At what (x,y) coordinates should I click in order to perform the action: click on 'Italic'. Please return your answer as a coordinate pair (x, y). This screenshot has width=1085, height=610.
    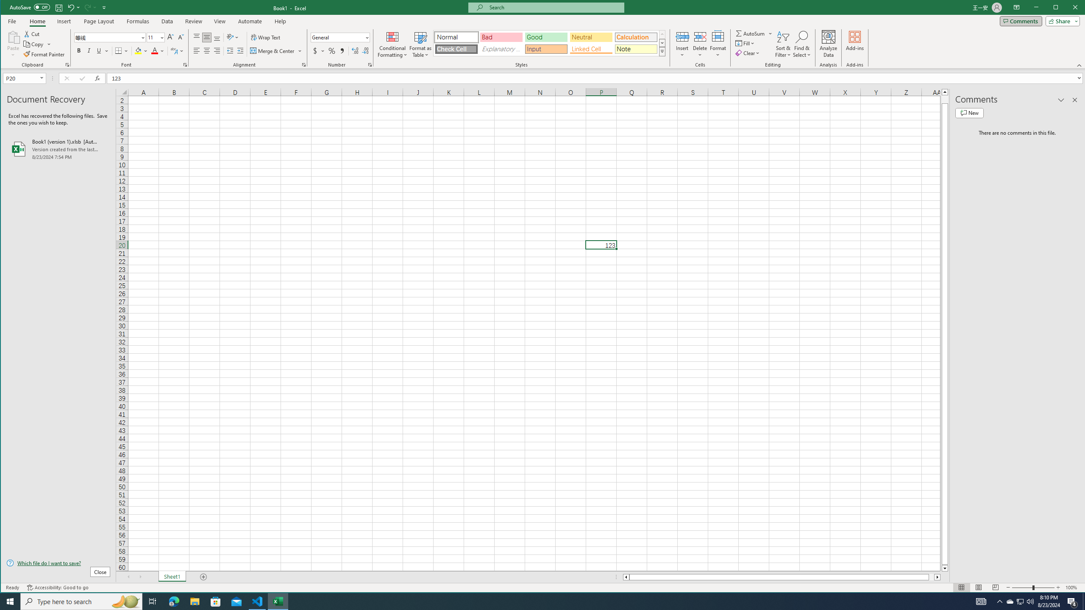
    Looking at the image, I should click on (88, 50).